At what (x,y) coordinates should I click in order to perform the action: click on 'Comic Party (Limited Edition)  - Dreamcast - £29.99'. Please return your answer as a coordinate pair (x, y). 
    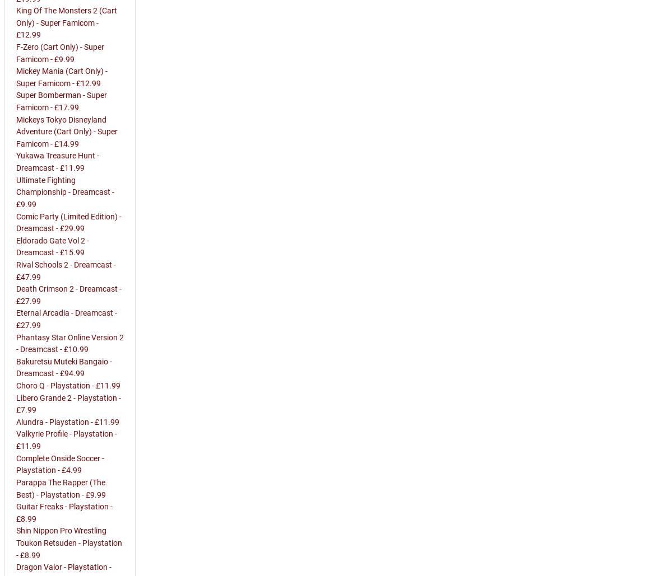
    Looking at the image, I should click on (69, 222).